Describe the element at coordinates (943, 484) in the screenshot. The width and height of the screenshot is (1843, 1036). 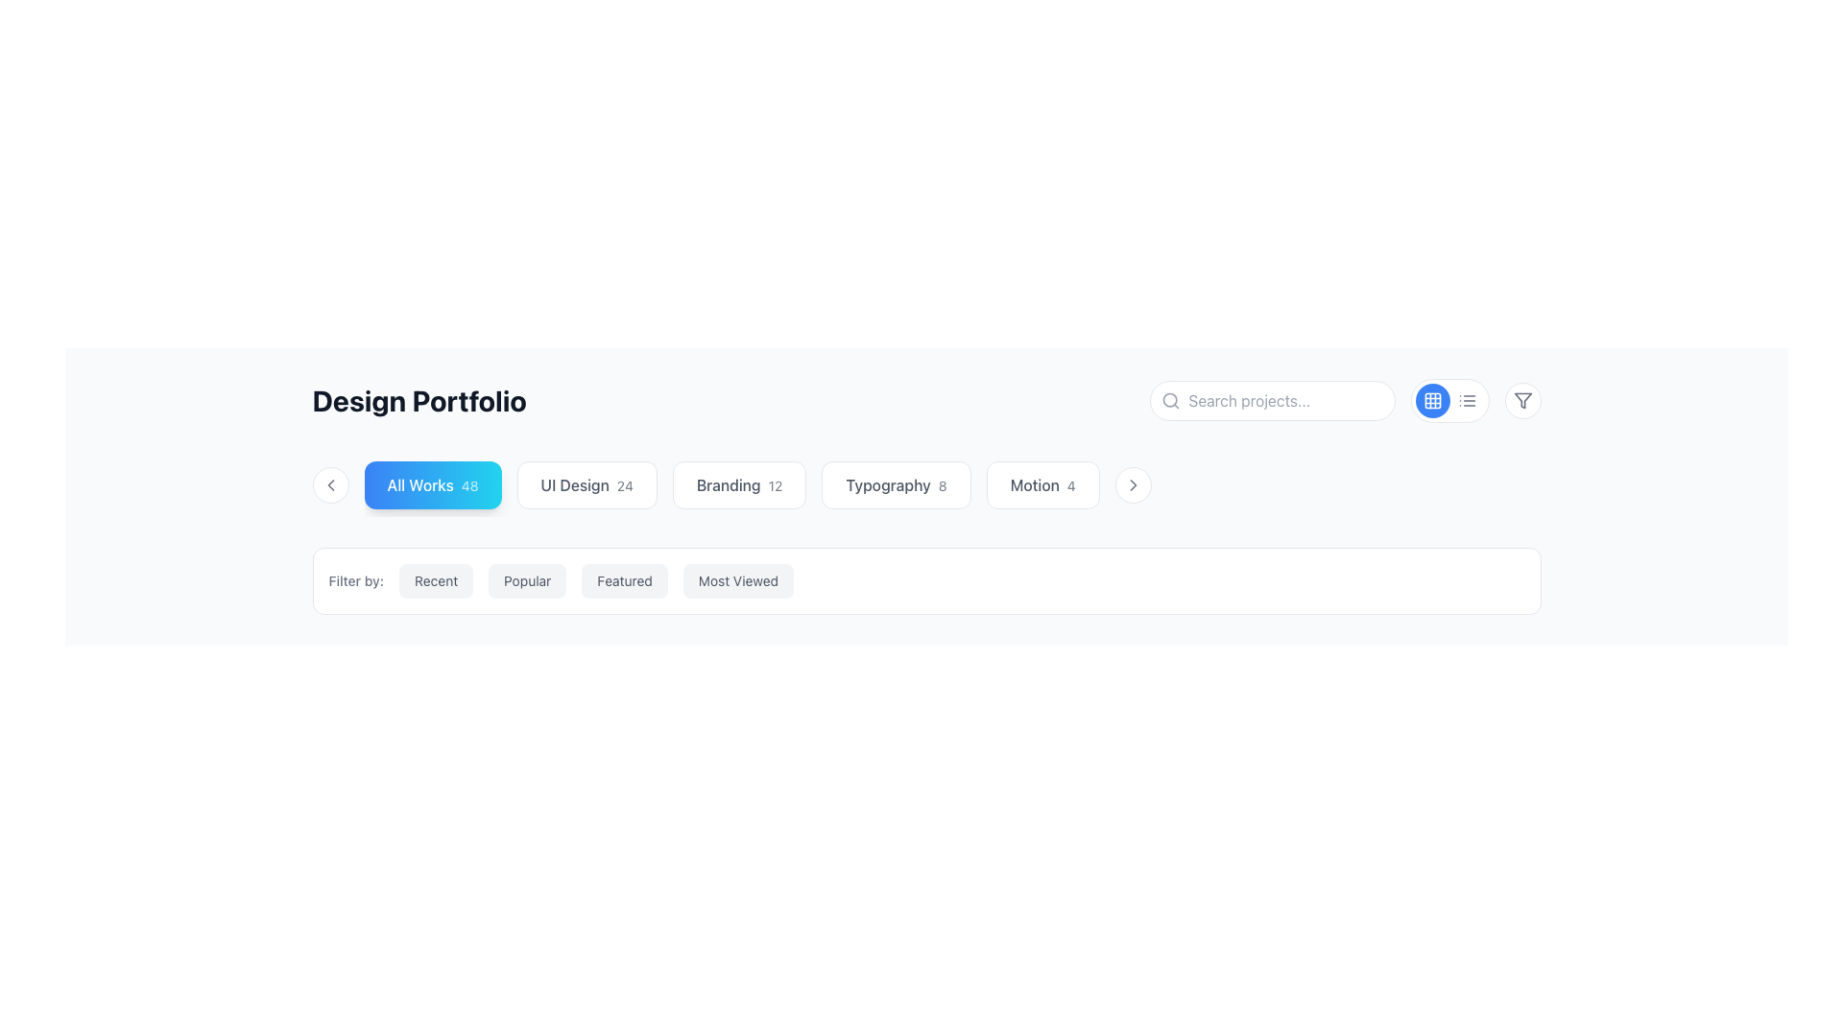
I see `the numerical value displaying supplementary information related to the 'Typography' category, which is located within the card labeled 'Typography 8'` at that location.